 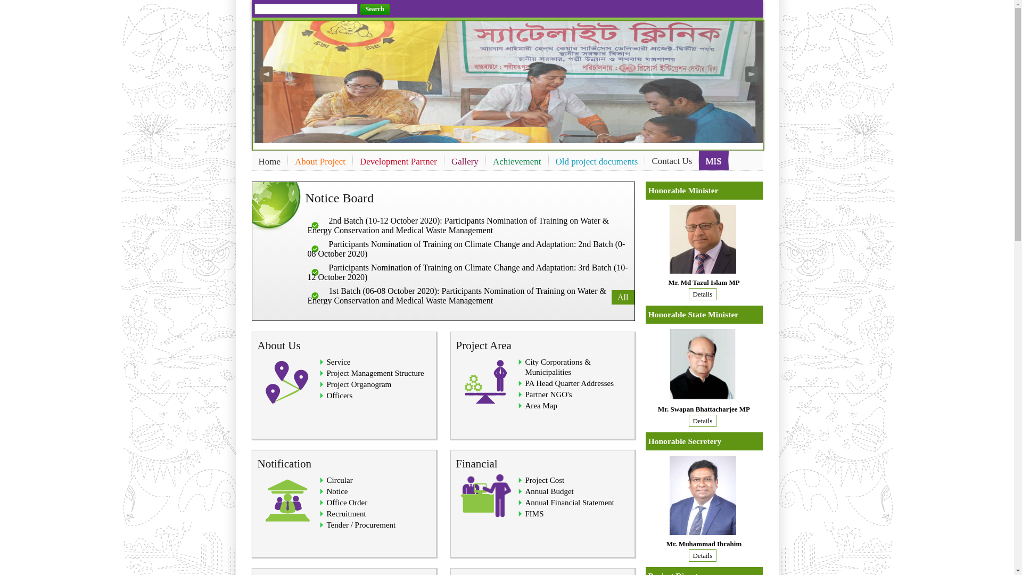 I want to click on 'All', so click(x=623, y=297).